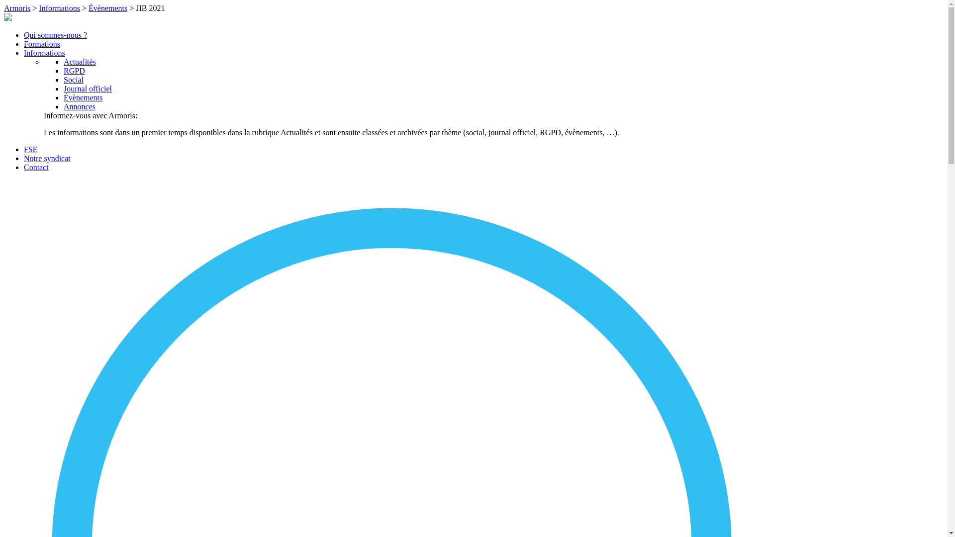  What do you see at coordinates (17, 8) in the screenshot?
I see `'Armoris'` at bounding box center [17, 8].